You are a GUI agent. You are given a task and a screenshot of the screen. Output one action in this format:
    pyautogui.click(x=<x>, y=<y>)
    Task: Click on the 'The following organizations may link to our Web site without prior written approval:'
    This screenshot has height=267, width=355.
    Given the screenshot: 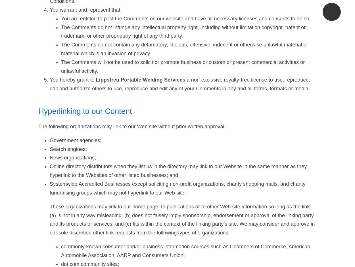 What is the action you would take?
    pyautogui.click(x=38, y=126)
    